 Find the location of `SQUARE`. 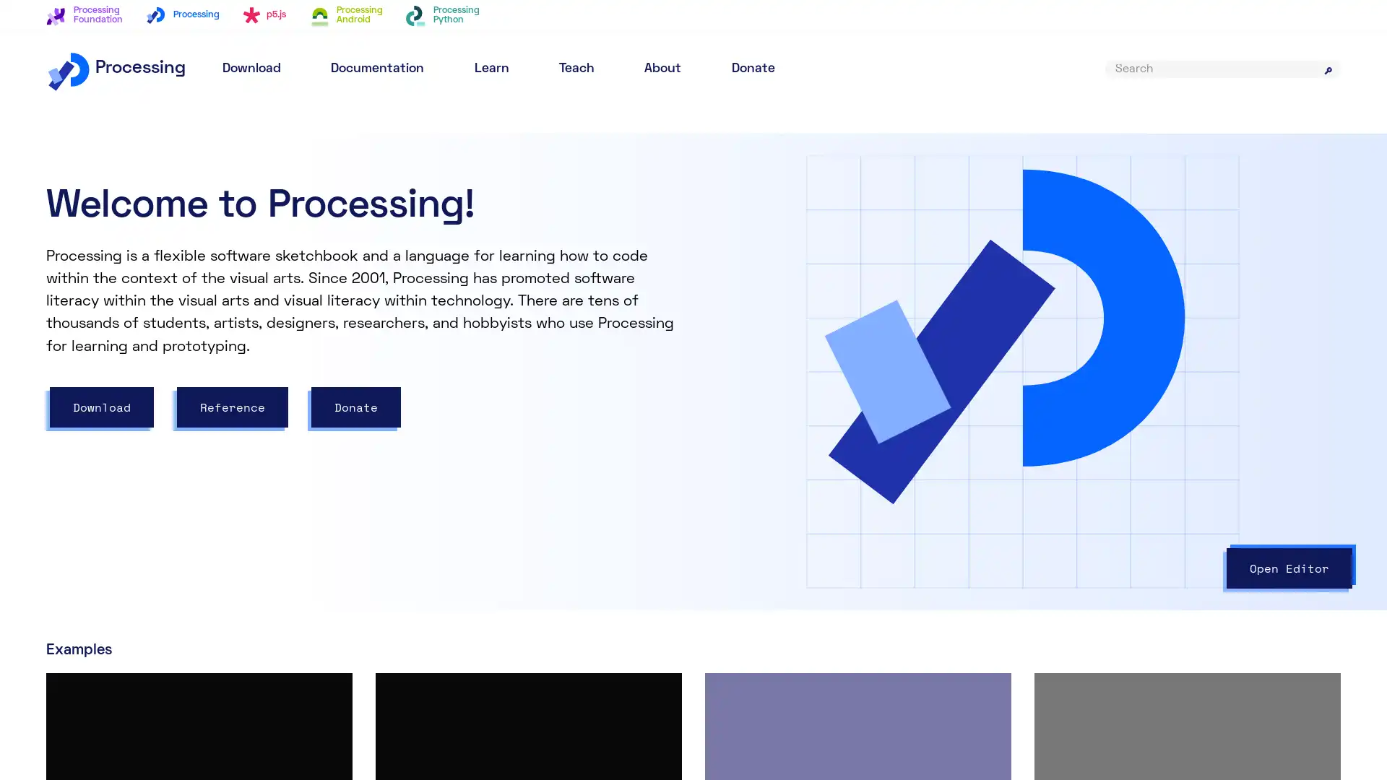

SQUARE is located at coordinates (819, 329).